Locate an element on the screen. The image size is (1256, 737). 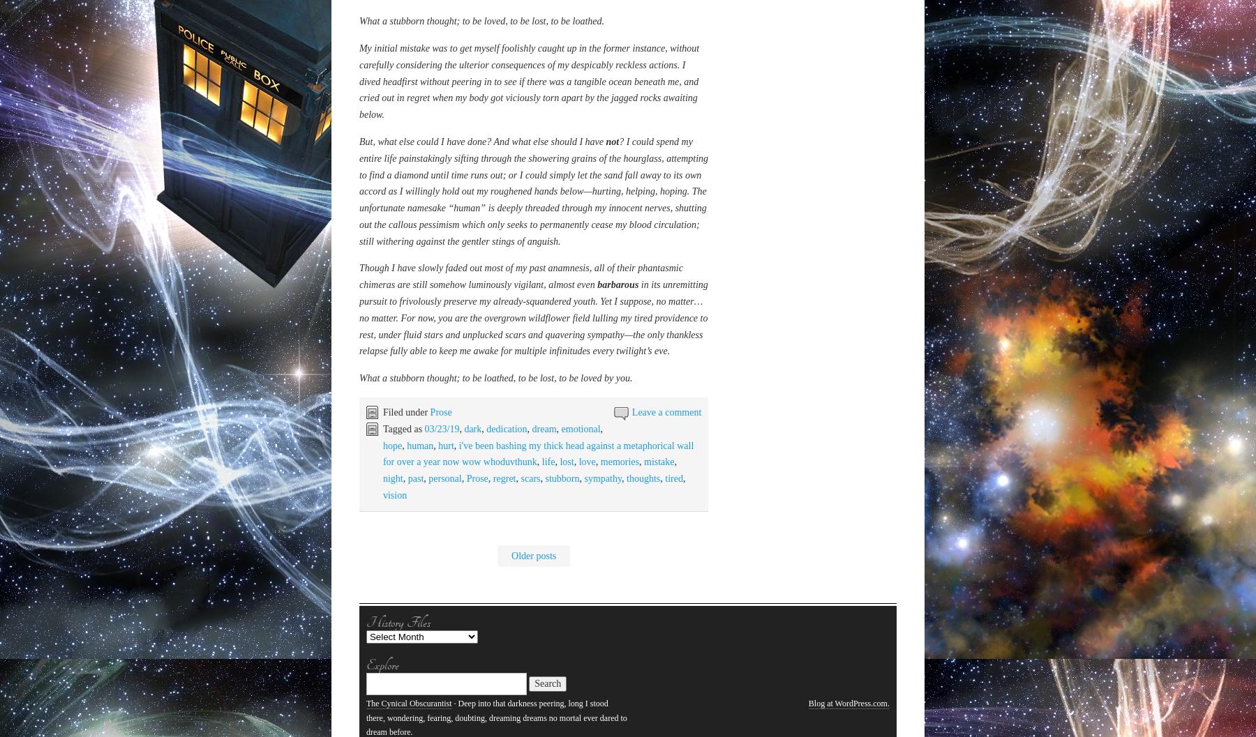
'Poetry' is located at coordinates (429, 294).